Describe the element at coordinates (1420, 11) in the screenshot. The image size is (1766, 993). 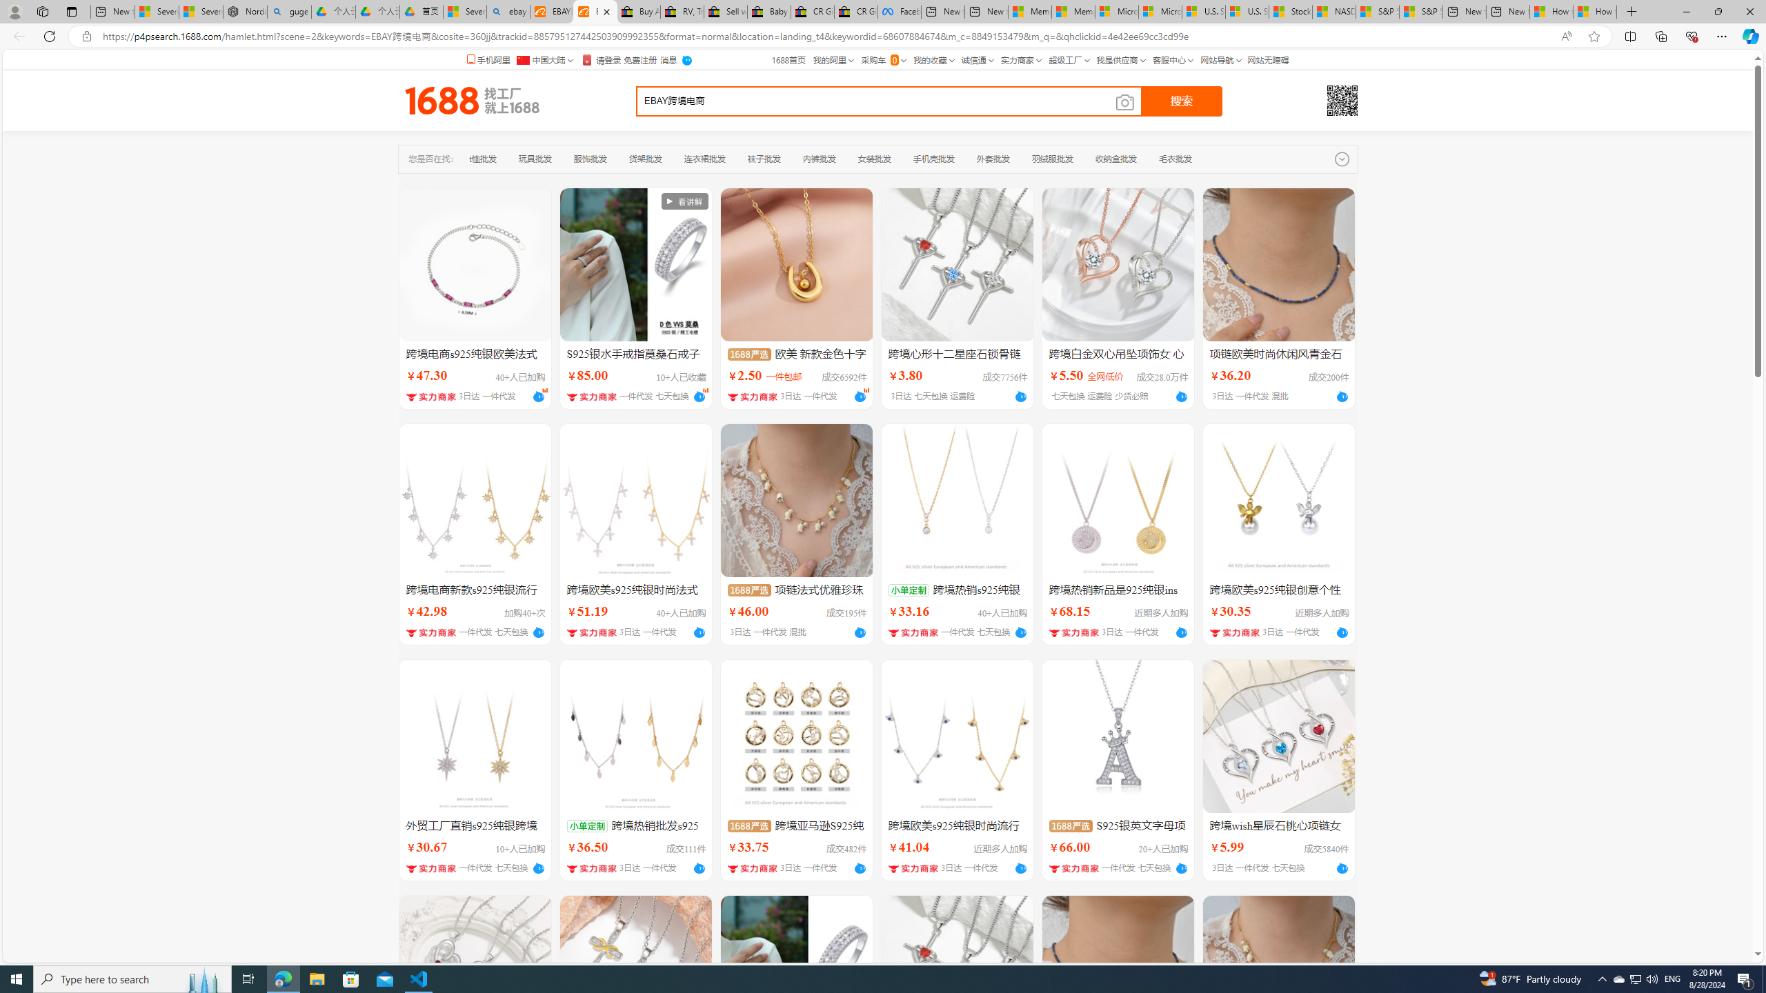
I see `'S&P 500, Nasdaq end lower, weighed by Nvidia dip | Watch'` at that location.